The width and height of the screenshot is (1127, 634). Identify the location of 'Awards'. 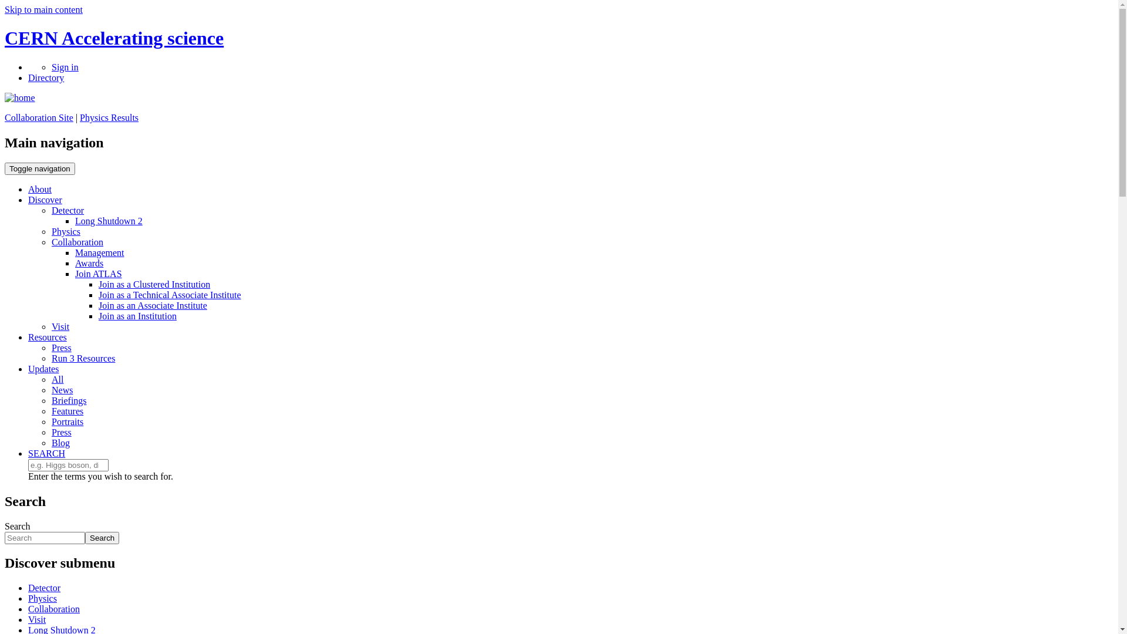
(89, 262).